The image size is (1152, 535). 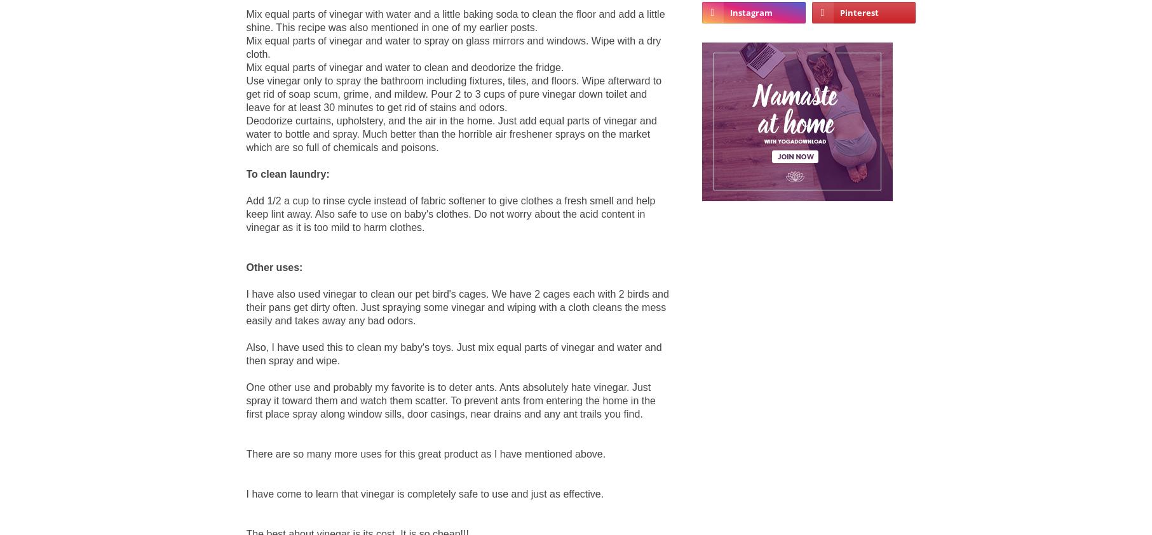 I want to click on 'Other uses:', so click(x=273, y=266).